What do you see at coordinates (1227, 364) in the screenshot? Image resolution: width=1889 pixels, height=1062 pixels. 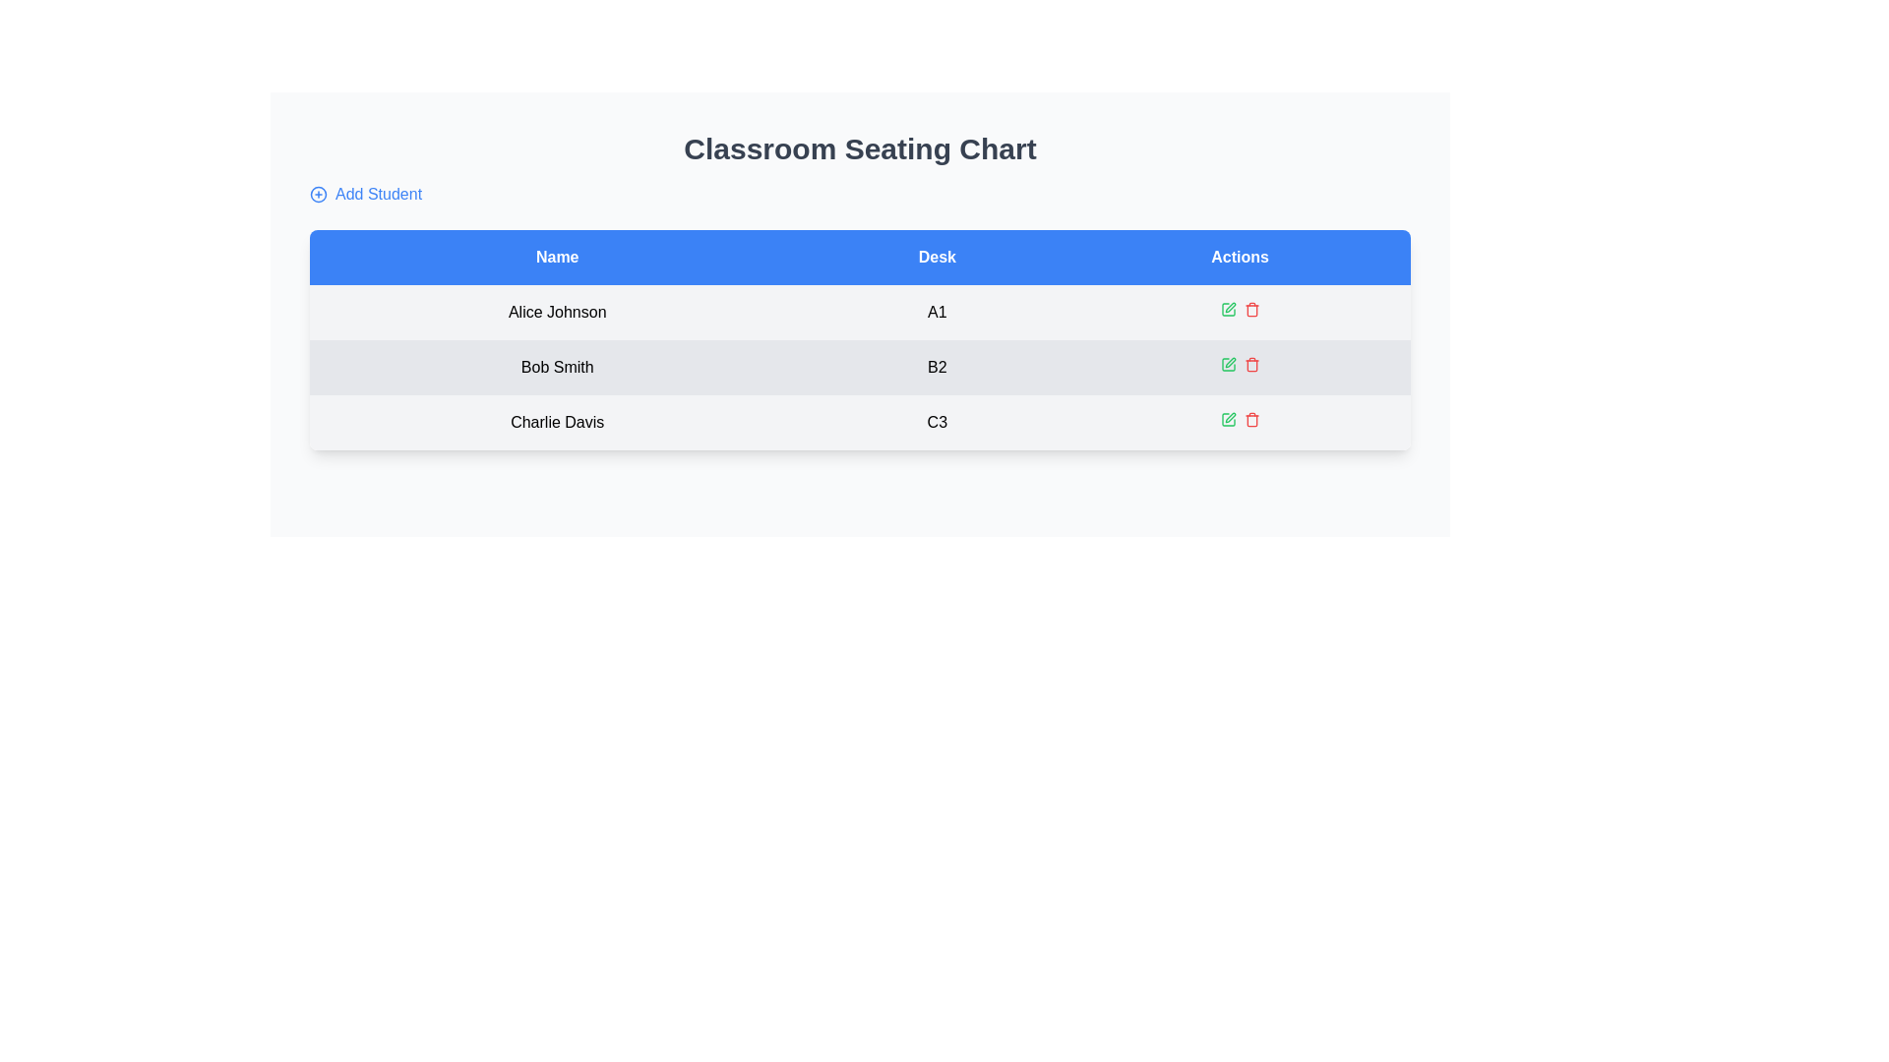 I see `the edit icon, which is a graphical square with a pen symbol, located in the 'Actions' column of the second row of the table` at bounding box center [1227, 364].